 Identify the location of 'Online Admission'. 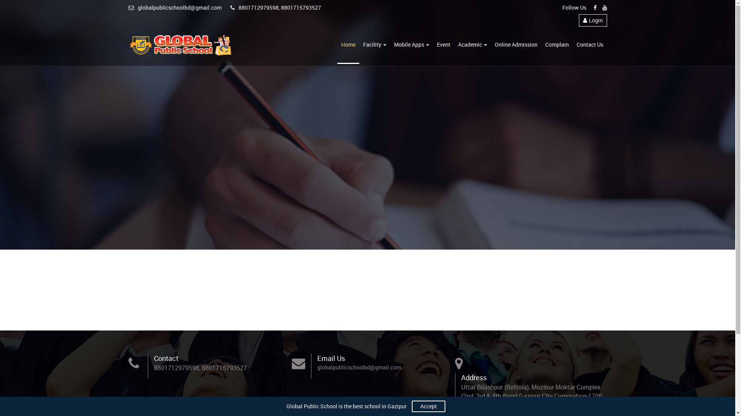
(516, 45).